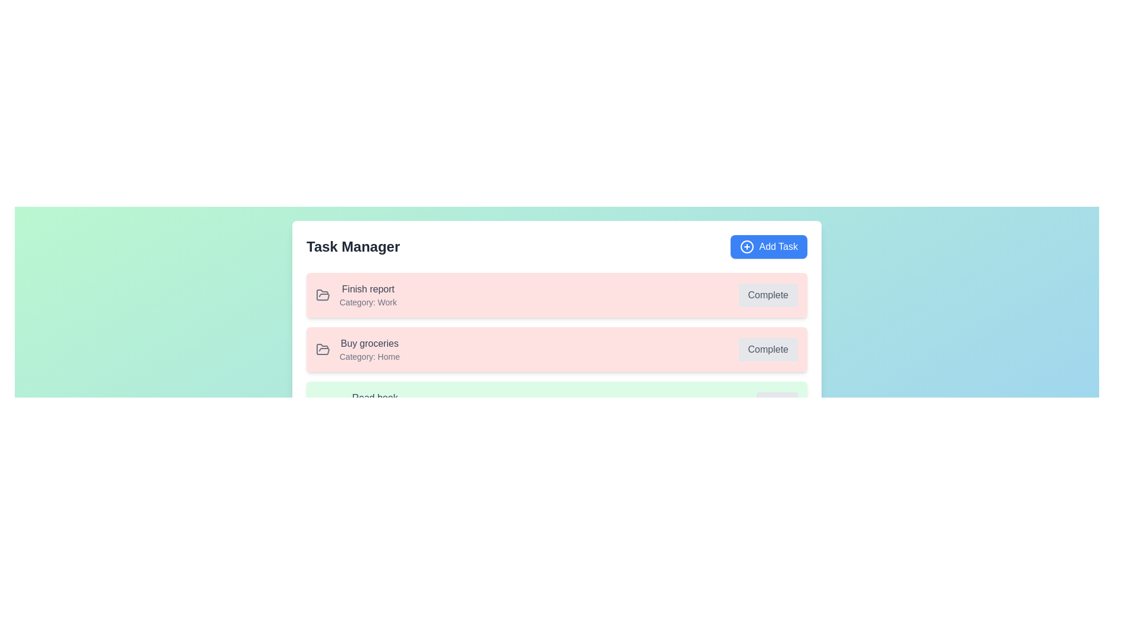  Describe the element at coordinates (369, 349) in the screenshot. I see `the second Text display block in the Task Manager, which displays a task item's title and related category information` at that location.